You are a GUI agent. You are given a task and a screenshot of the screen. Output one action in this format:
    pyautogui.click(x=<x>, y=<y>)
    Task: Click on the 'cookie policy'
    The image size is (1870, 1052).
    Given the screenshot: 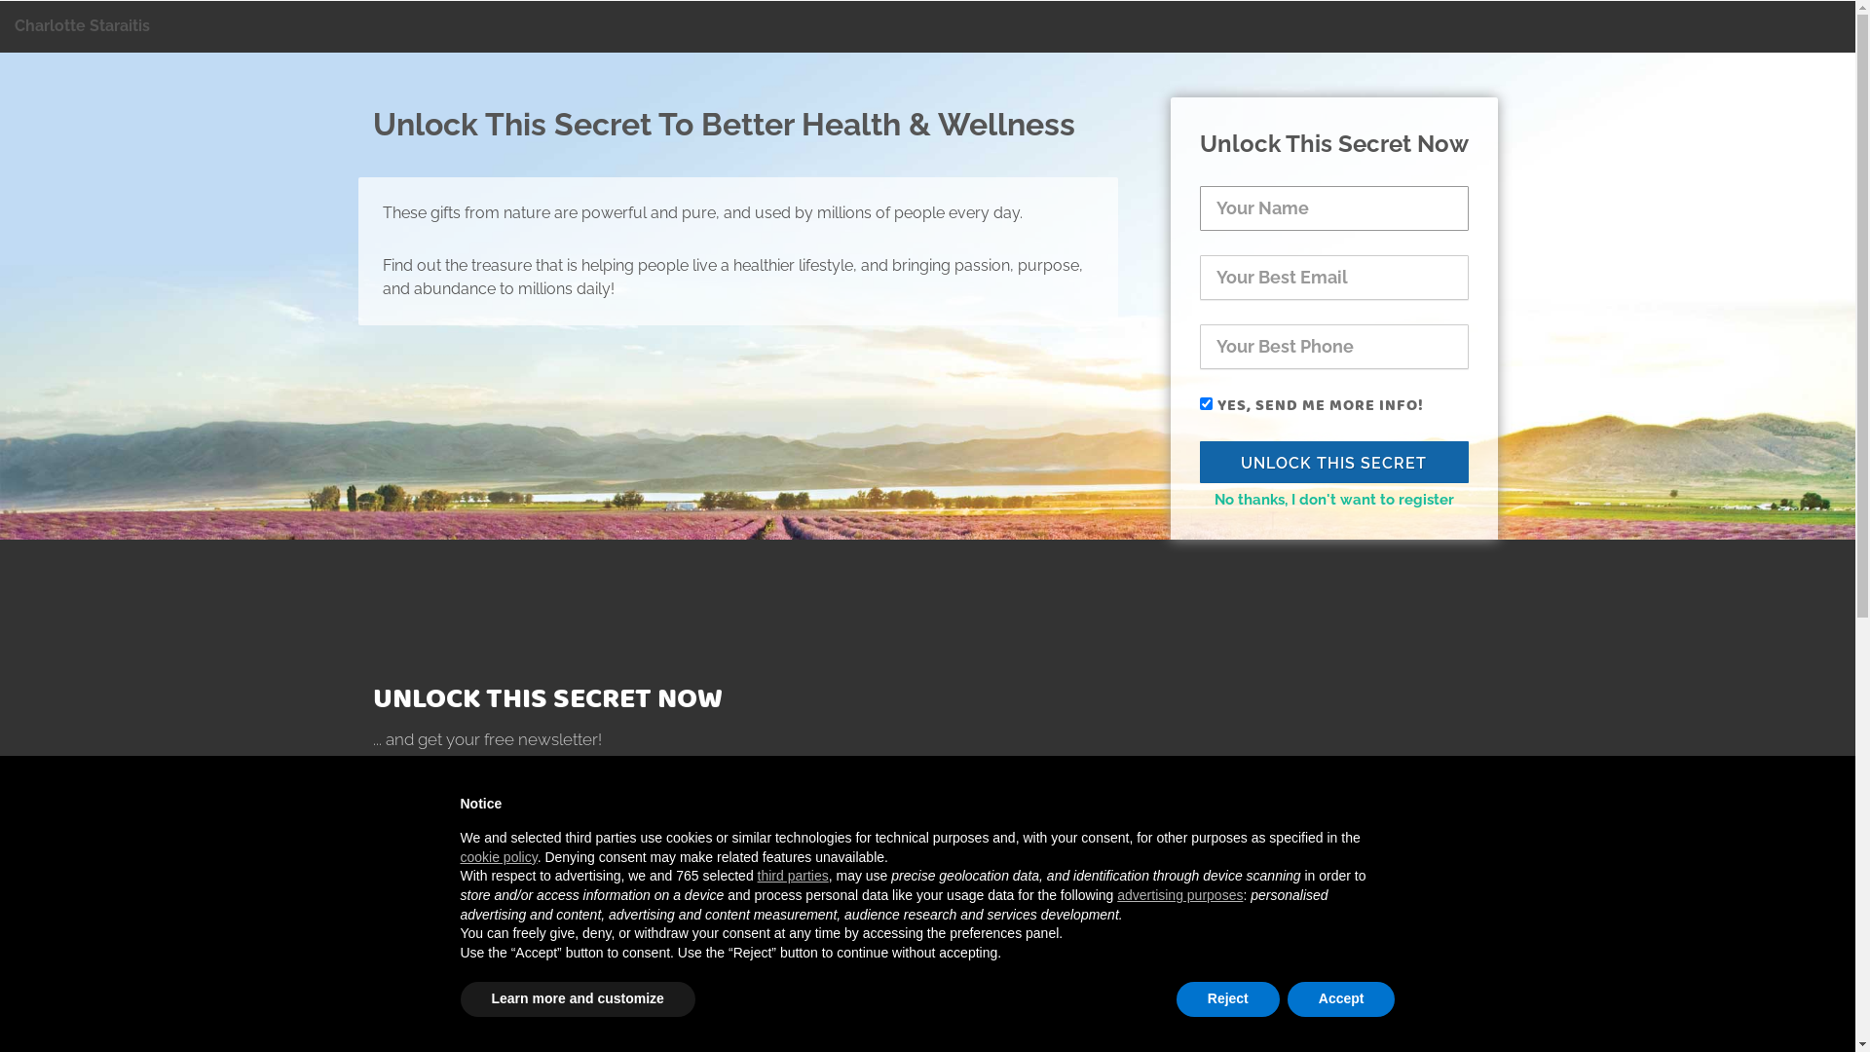 What is the action you would take?
    pyautogui.click(x=458, y=855)
    